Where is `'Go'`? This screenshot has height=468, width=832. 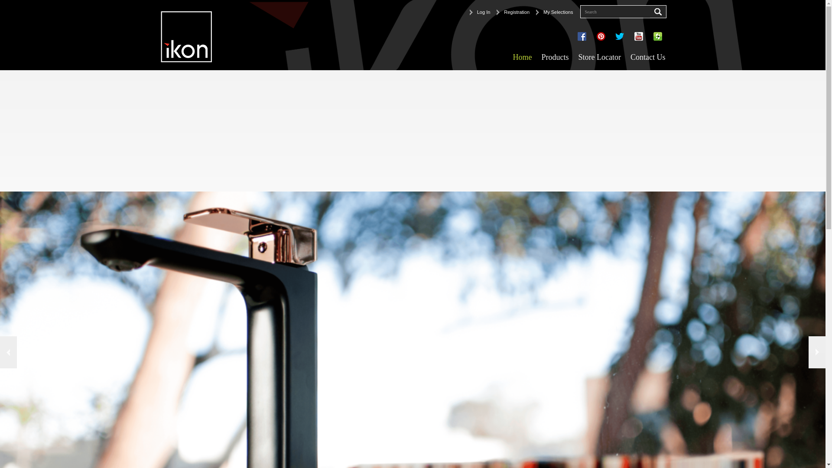
'Go' is located at coordinates (650, 12).